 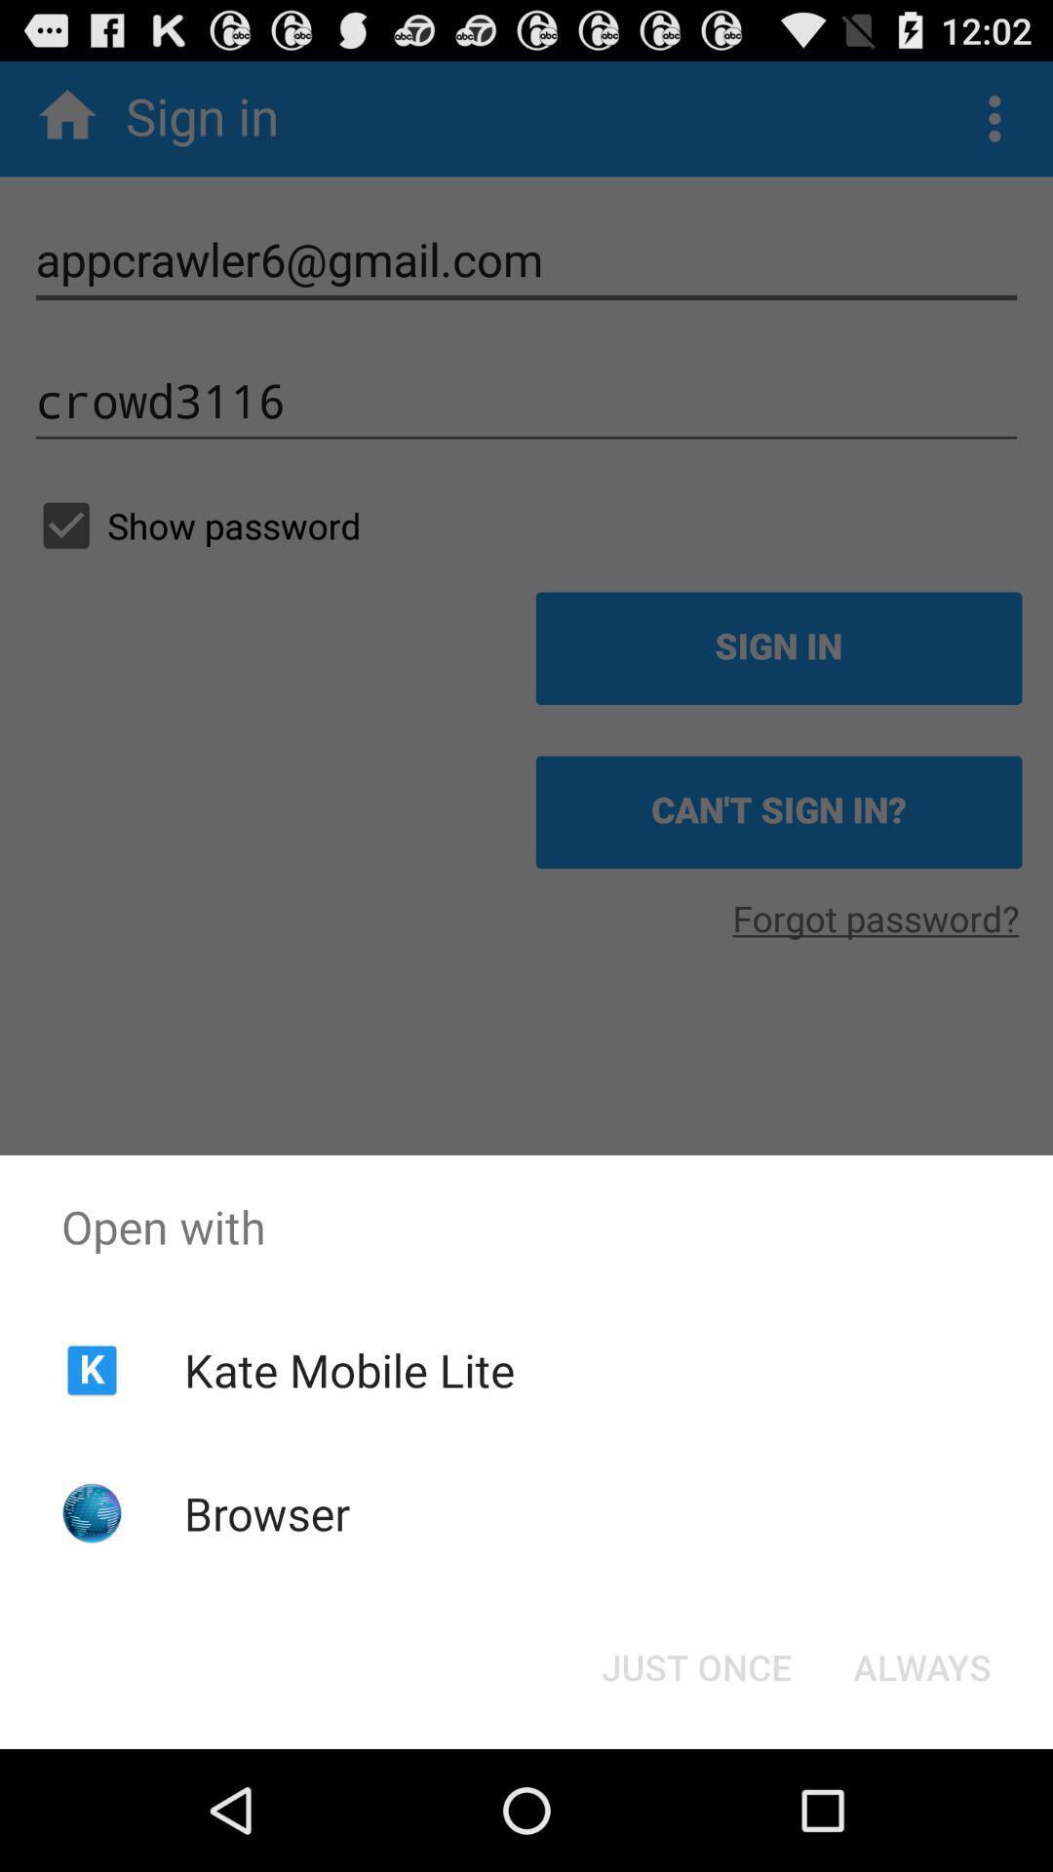 What do you see at coordinates (348, 1369) in the screenshot?
I see `the app above browser icon` at bounding box center [348, 1369].